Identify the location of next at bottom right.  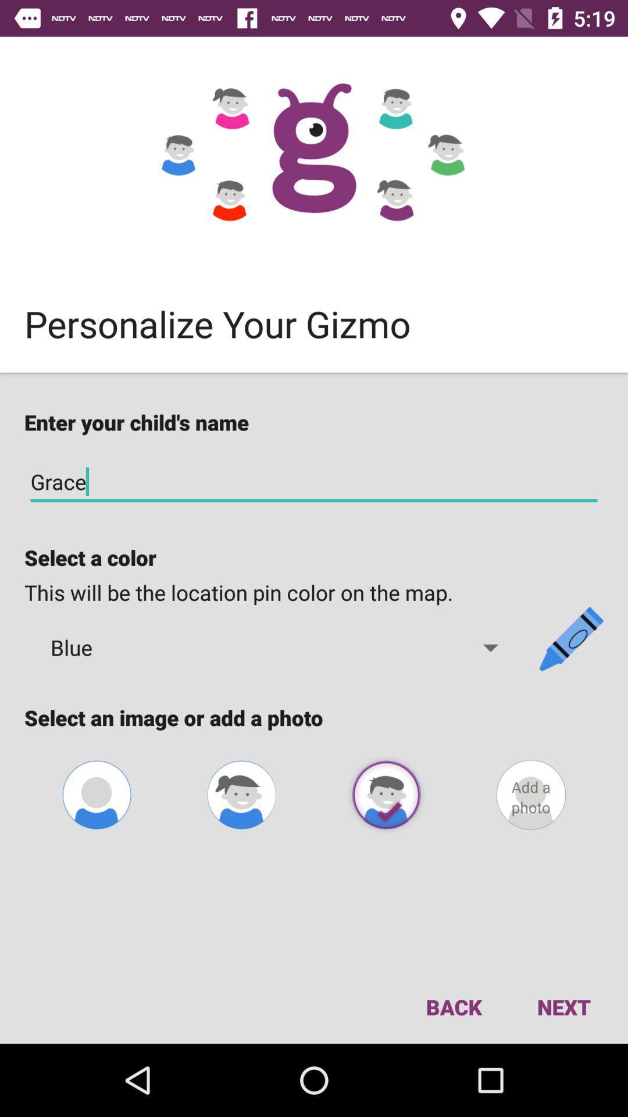
(563, 1006).